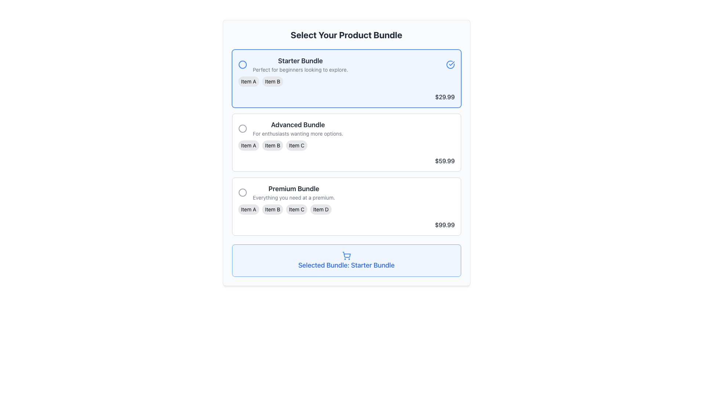 The height and width of the screenshot is (397, 705). Describe the element at coordinates (242, 192) in the screenshot. I see `the circular icon next to the 'Premium Bundle' option in the pricing interface` at that location.